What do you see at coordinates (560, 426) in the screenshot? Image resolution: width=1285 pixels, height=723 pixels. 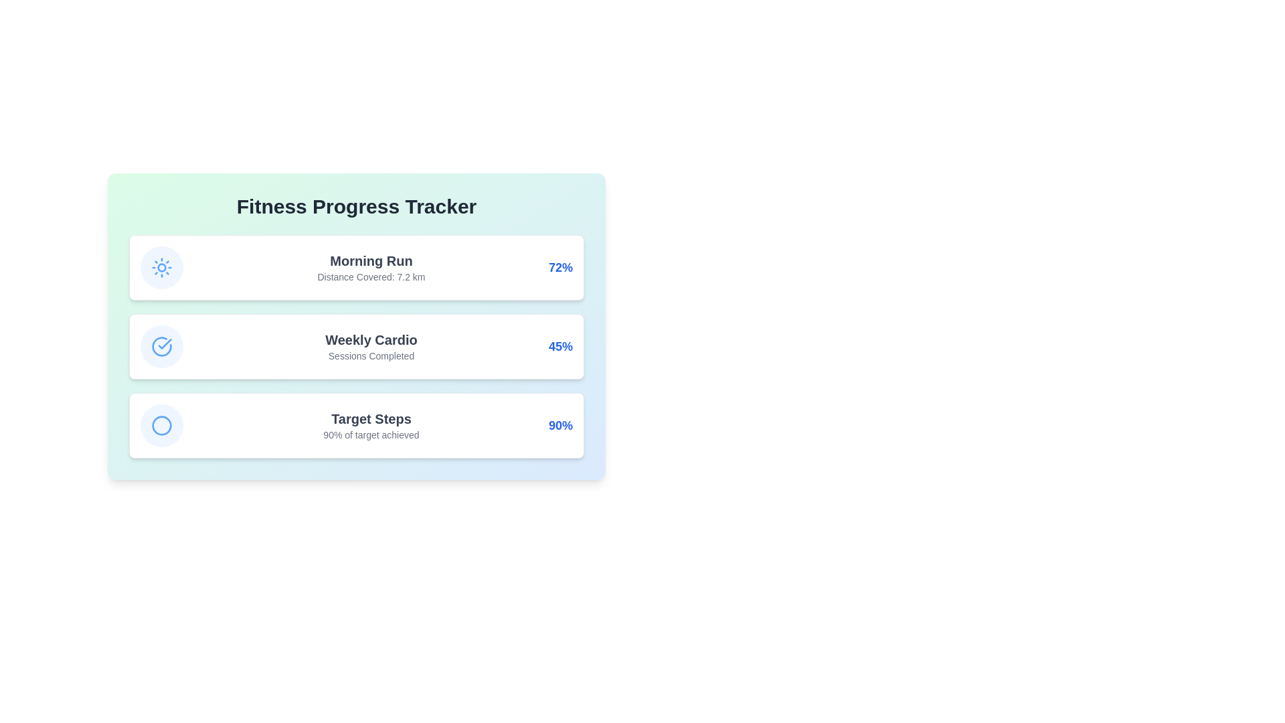 I see `the bold text label displaying '90%' in blue color, located on the far right of the 'Target Steps' card in the 'Fitness Progress Tracker' interface` at bounding box center [560, 426].